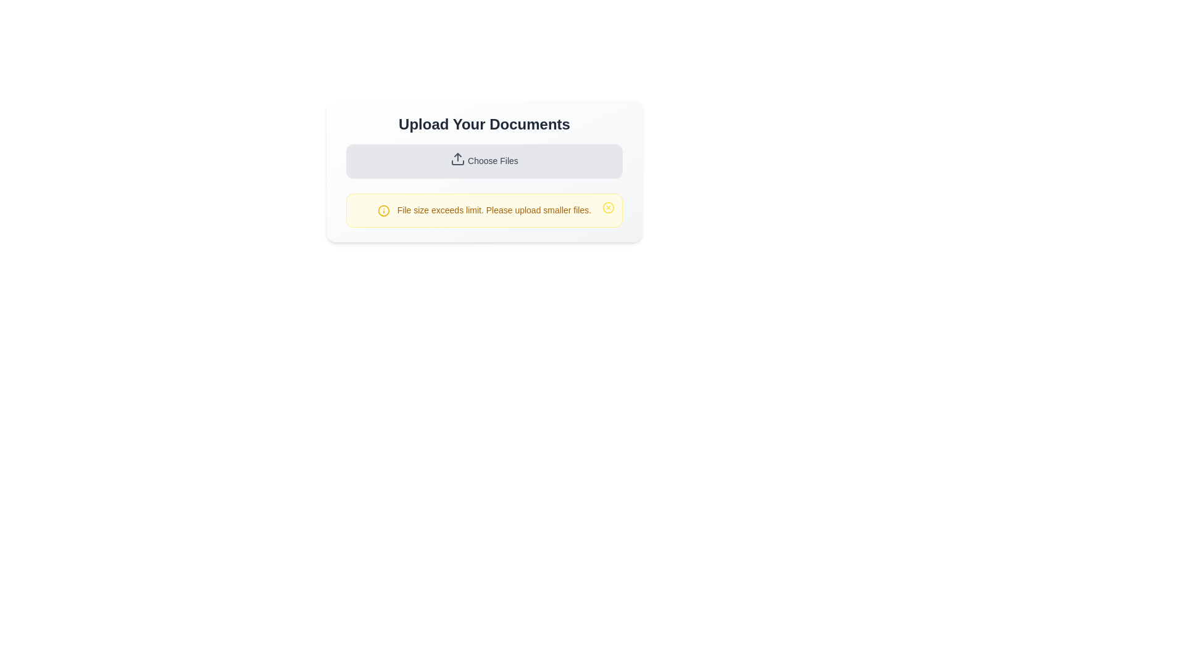 This screenshot has width=1185, height=666. Describe the element at coordinates (484, 171) in the screenshot. I see `the Component block for file upload which includes the title 'Upload Your Documents', a 'Choose Files' button, and a yellow notification box indicating a file size issue` at that location.